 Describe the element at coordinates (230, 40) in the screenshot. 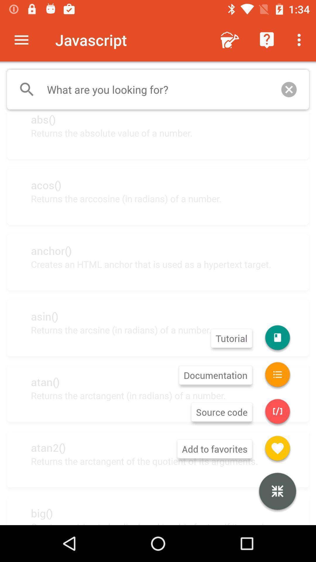

I see `the app to the right of javascript app` at that location.